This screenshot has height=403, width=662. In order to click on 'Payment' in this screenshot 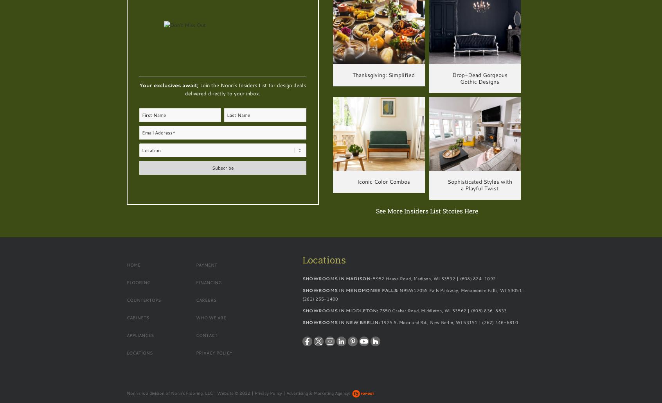, I will do `click(196, 264)`.